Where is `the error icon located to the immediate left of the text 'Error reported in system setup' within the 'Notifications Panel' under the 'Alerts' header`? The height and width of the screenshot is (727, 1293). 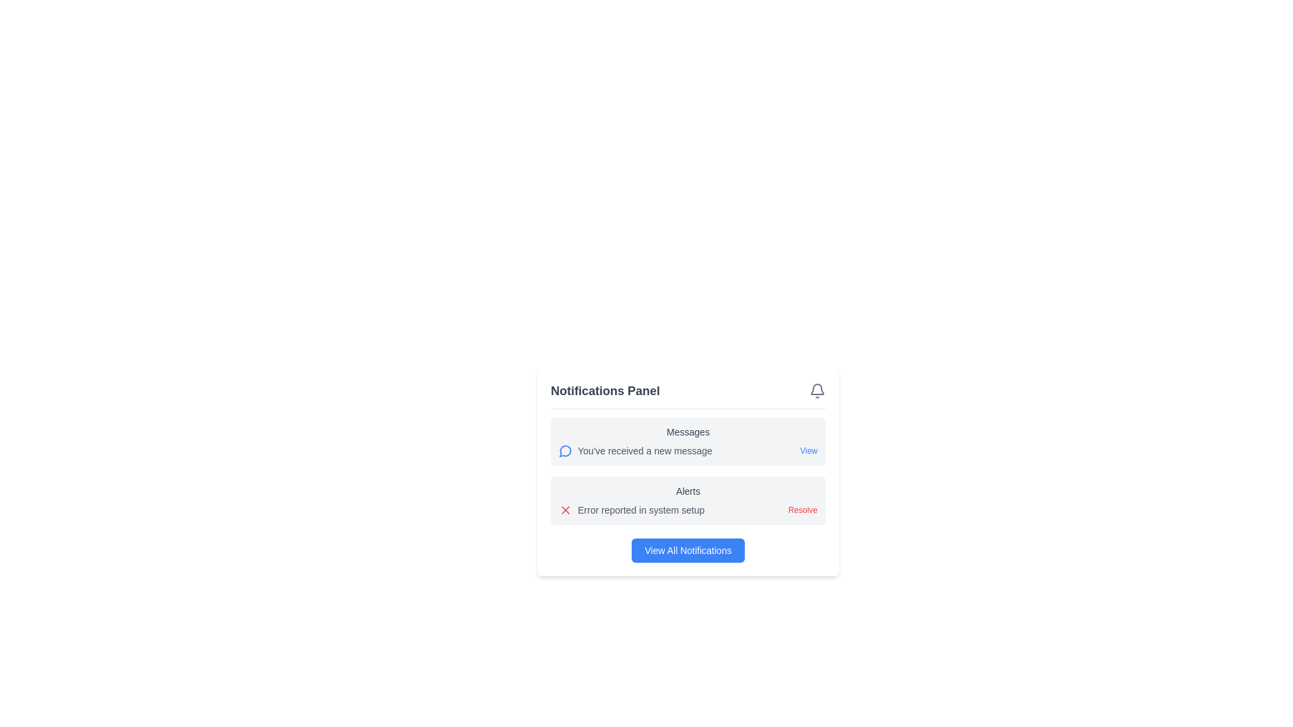 the error icon located to the immediate left of the text 'Error reported in system setup' within the 'Notifications Panel' under the 'Alerts' header is located at coordinates (566, 510).